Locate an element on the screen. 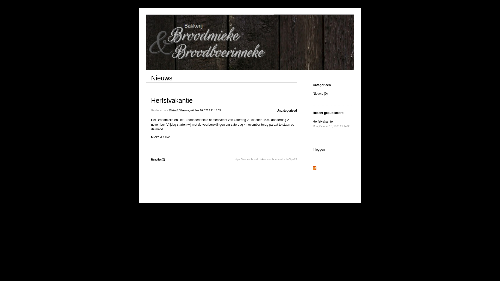  'Uncategorised' is located at coordinates (286, 110).